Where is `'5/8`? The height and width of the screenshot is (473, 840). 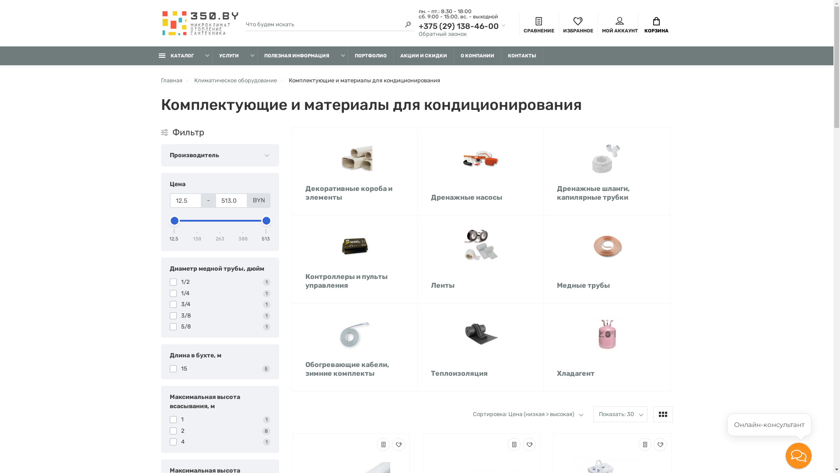
'5/8 is located at coordinates (220, 326).